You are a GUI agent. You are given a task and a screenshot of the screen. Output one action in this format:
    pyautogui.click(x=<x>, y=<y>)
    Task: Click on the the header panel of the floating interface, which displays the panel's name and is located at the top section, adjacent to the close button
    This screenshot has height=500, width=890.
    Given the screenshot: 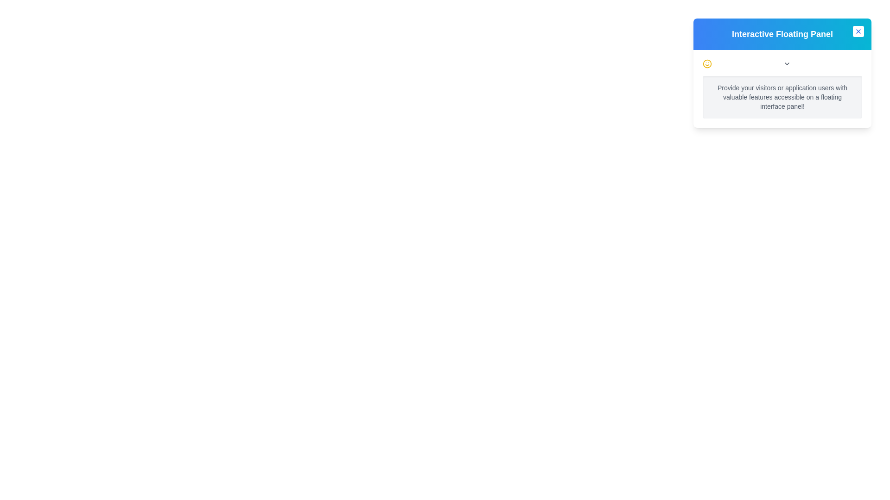 What is the action you would take?
    pyautogui.click(x=782, y=33)
    